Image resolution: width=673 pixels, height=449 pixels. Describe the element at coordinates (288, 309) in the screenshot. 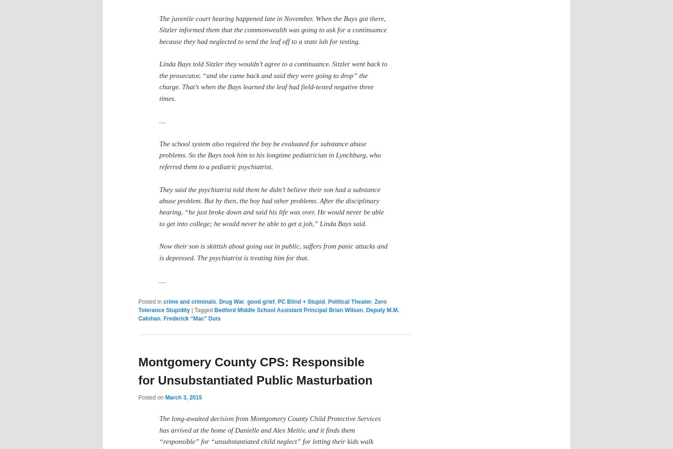

I see `'Bedford Middle School Assistant Principal Brian Wilson'` at that location.